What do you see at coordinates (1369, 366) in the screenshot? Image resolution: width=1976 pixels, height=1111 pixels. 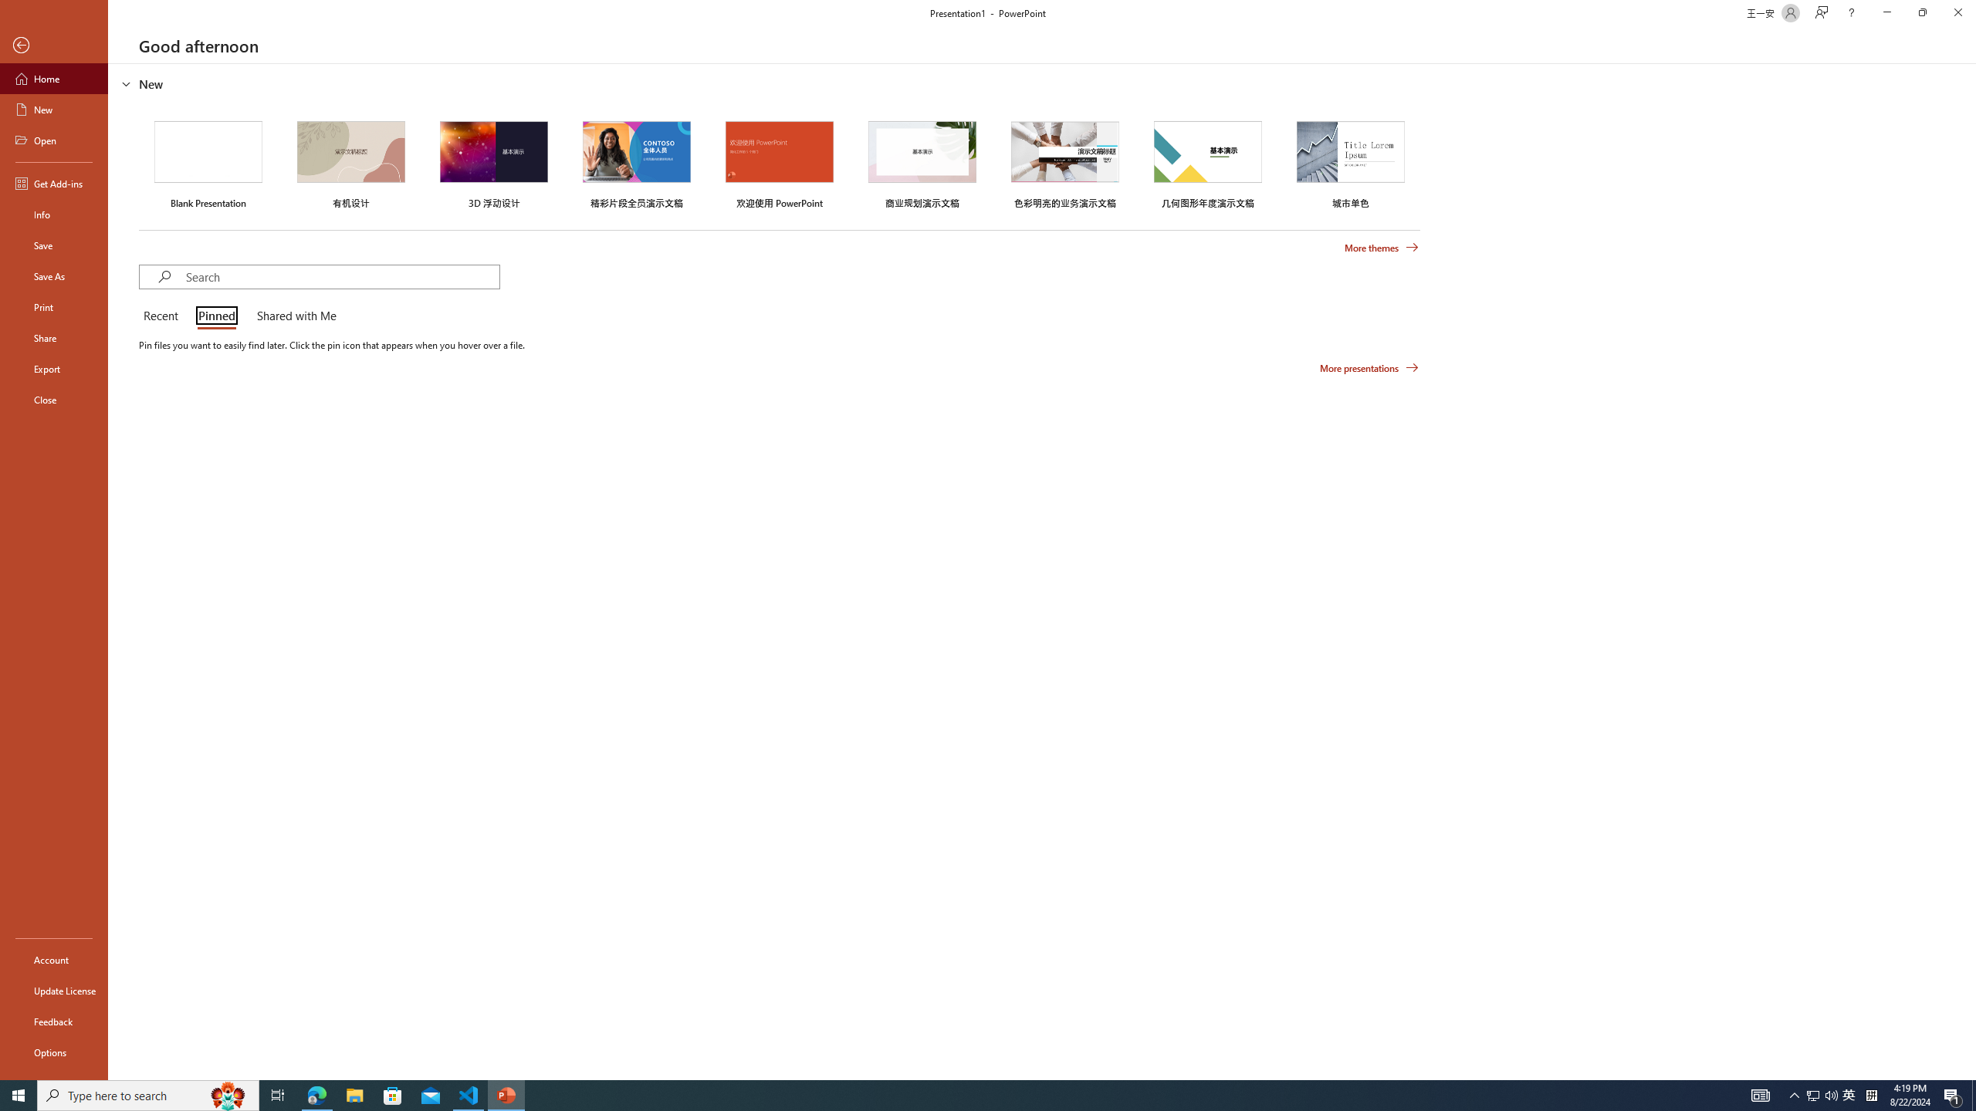 I see `'More presentations'` at bounding box center [1369, 366].